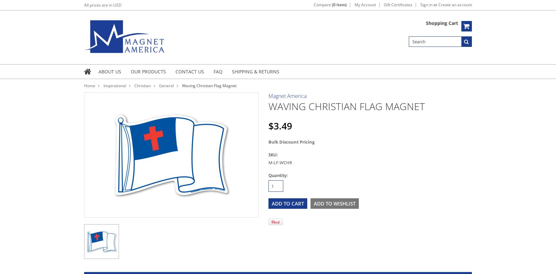 Image resolution: width=556 pixels, height=274 pixels. Describe the element at coordinates (268, 125) in the screenshot. I see `'$3.49'` at that location.